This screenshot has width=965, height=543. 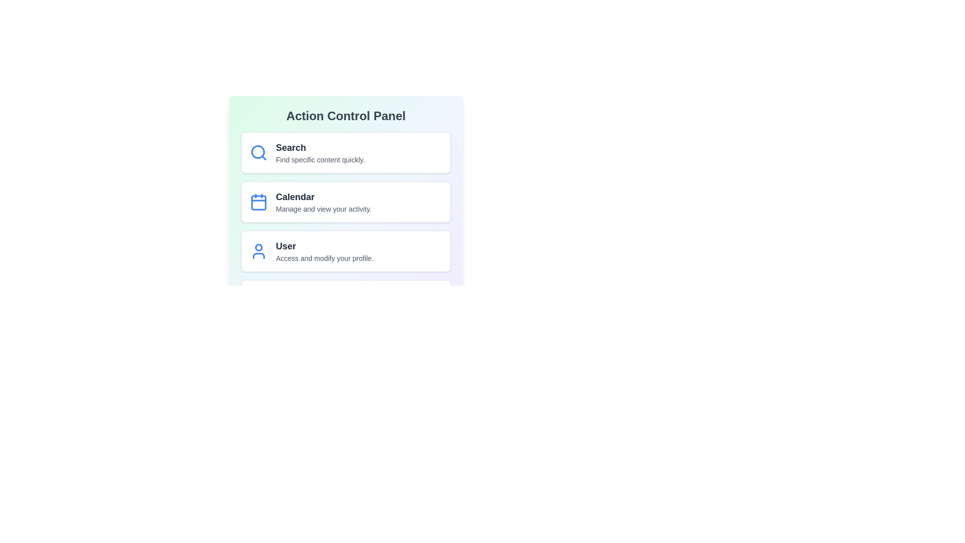 I want to click on displayed information from the 'Calendar' text component, which includes the title 'Calendar' in bold and the subtitle 'Manage and view your activity.', so click(x=324, y=202).